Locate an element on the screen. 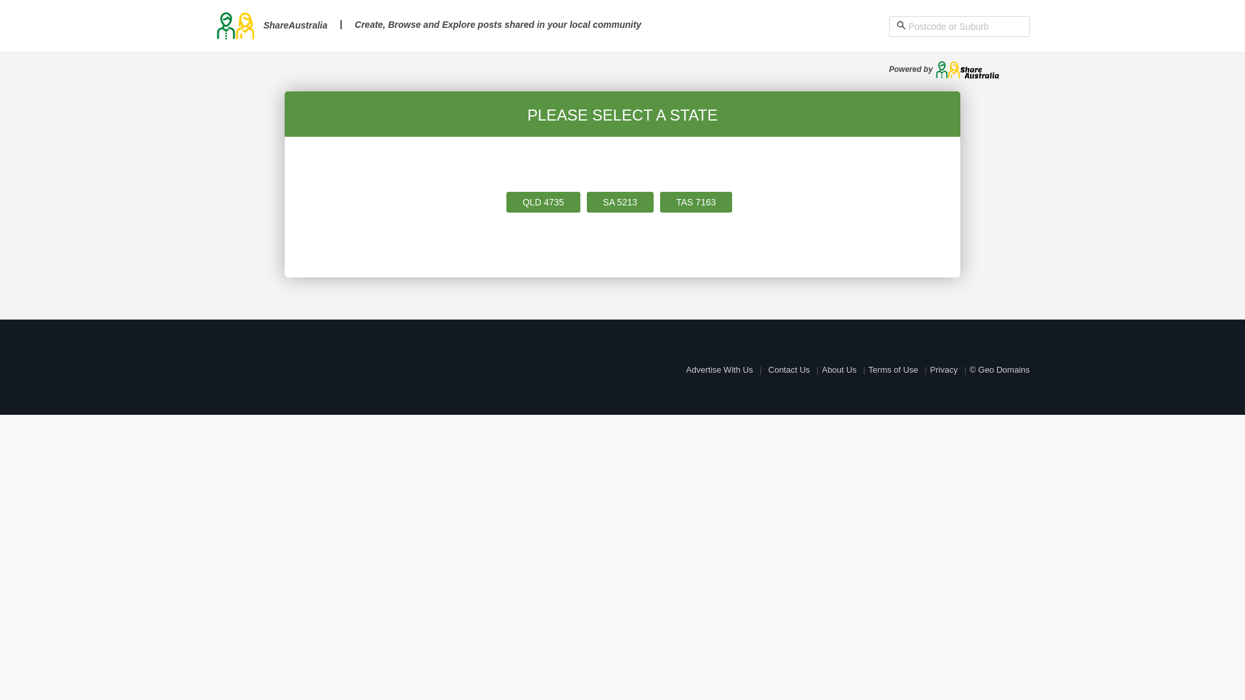 This screenshot has width=1245, height=700. 'About Us' is located at coordinates (838, 369).